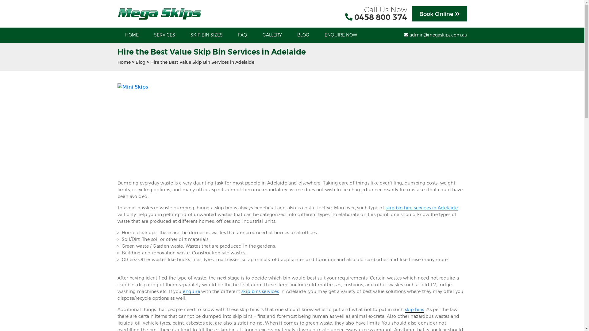  What do you see at coordinates (191, 291) in the screenshot?
I see `'enquire'` at bounding box center [191, 291].